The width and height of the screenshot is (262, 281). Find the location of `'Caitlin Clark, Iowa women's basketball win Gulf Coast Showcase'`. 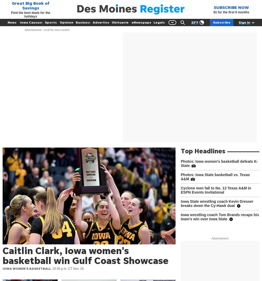

'Caitlin Clark, Iowa women's basketball win Gulf Coast Showcase' is located at coordinates (85, 255).